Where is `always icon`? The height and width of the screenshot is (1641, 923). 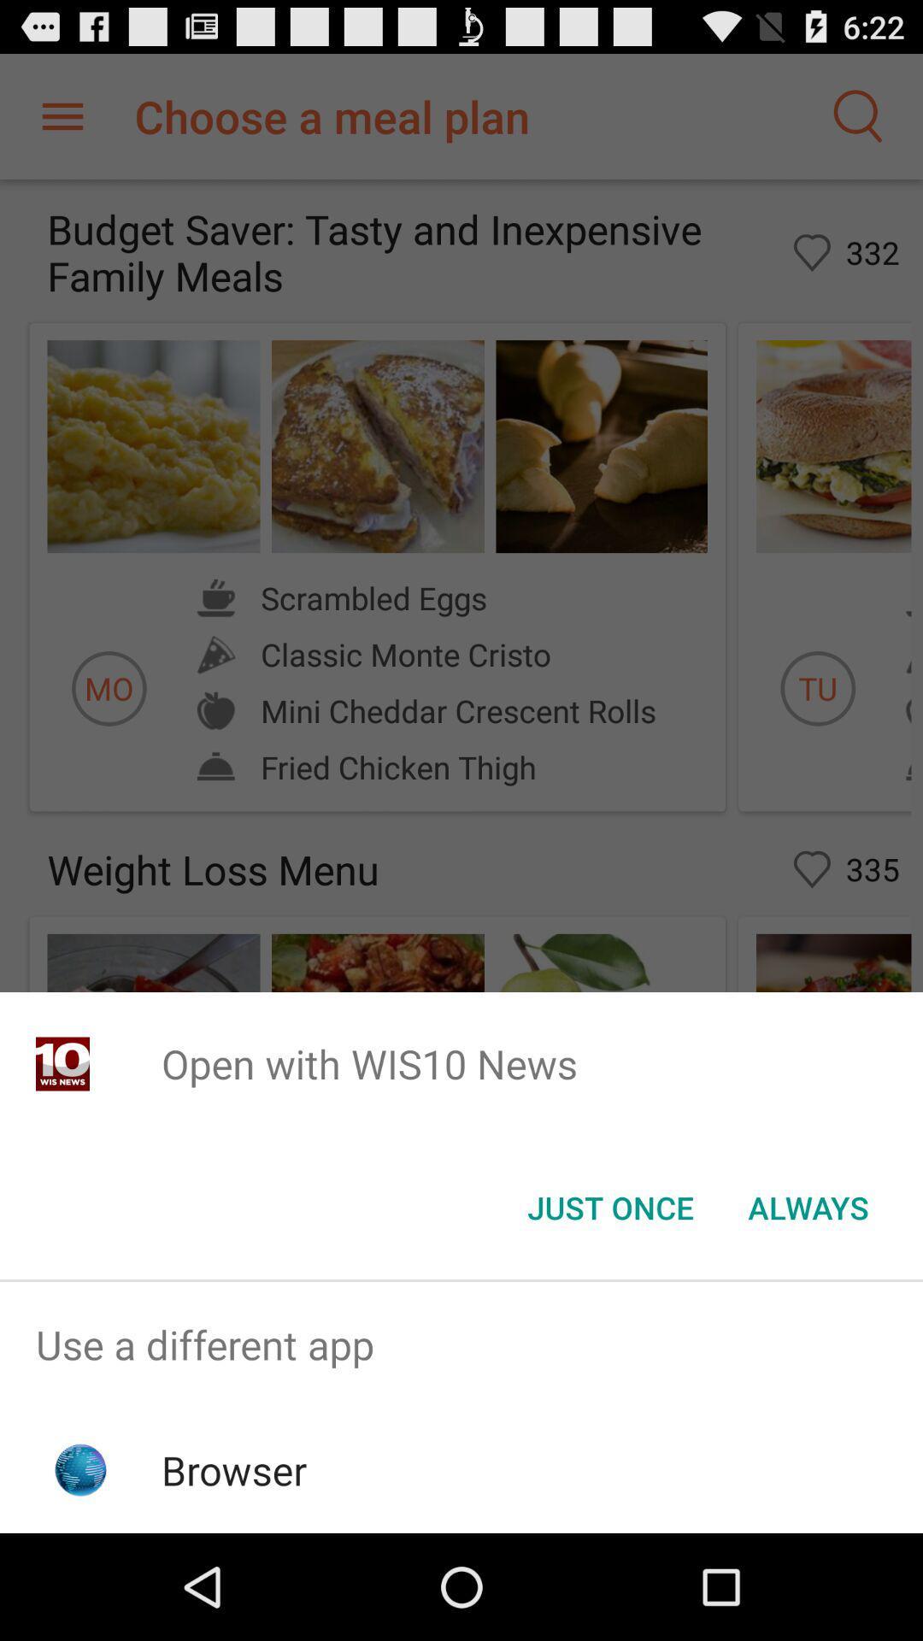 always icon is located at coordinates (808, 1206).